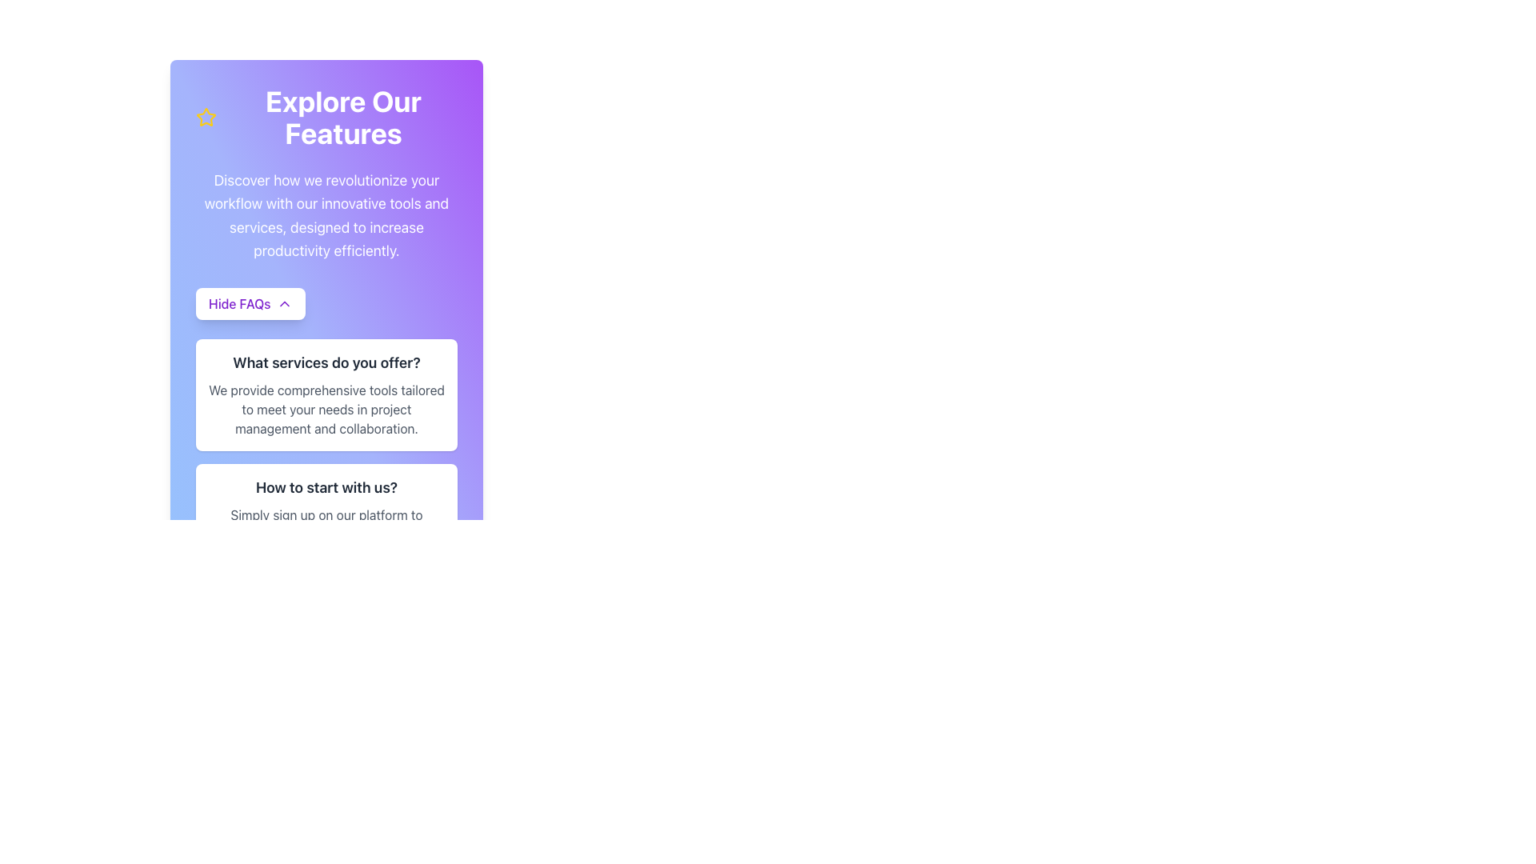 The width and height of the screenshot is (1536, 864). Describe the element at coordinates (206, 116) in the screenshot. I see `the star icon with a yellow border and blue transparent fill located at the top-left corner of the 'Explore Our Features' section` at that location.